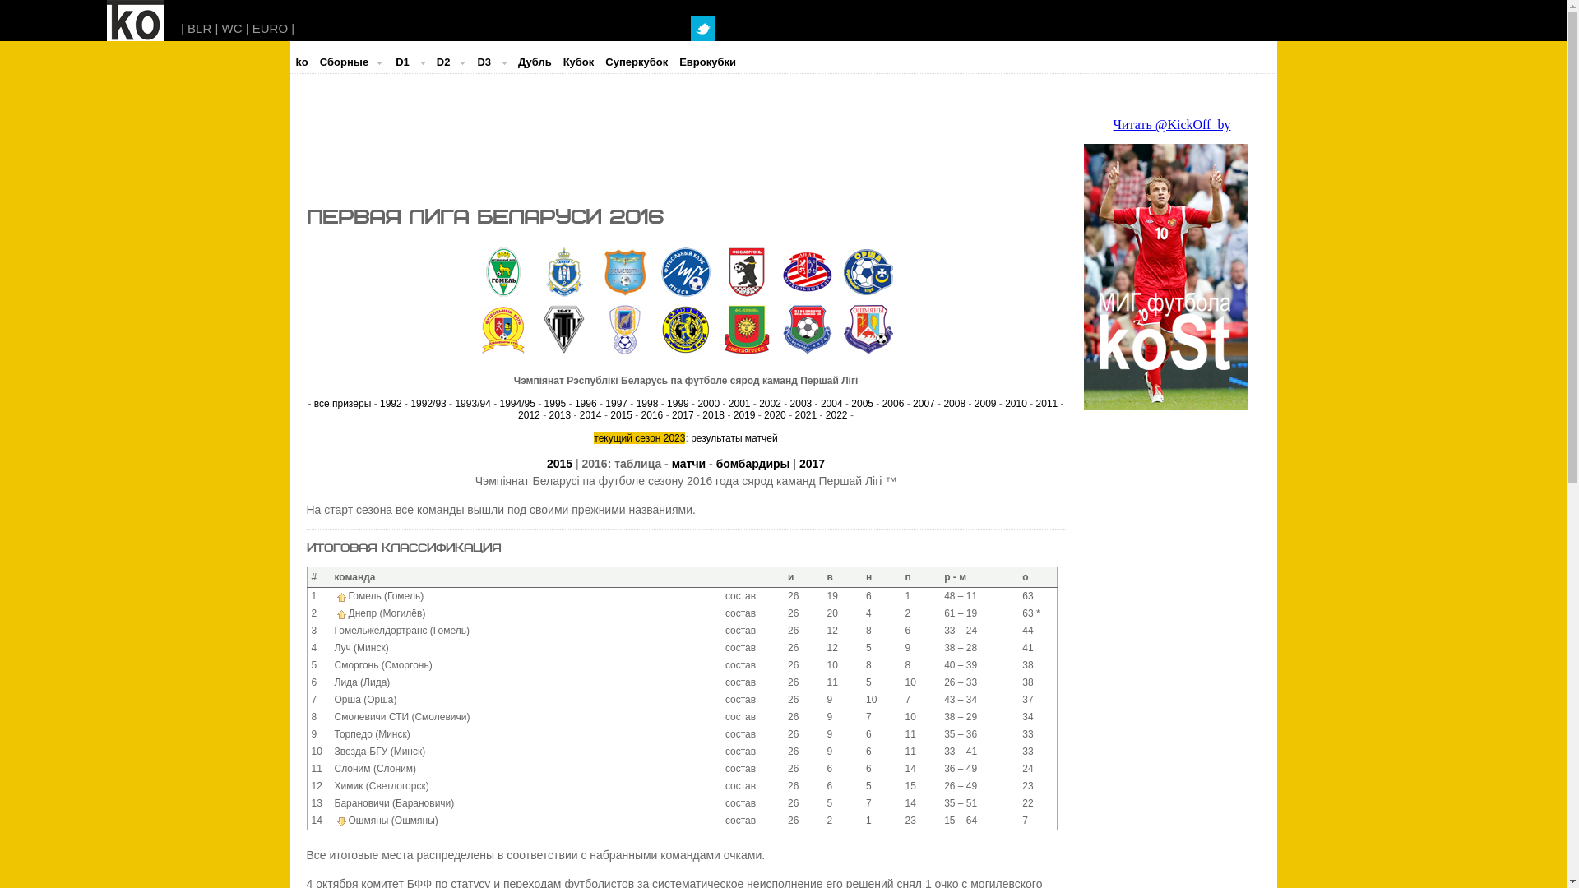  I want to click on '1994/95', so click(516, 403).